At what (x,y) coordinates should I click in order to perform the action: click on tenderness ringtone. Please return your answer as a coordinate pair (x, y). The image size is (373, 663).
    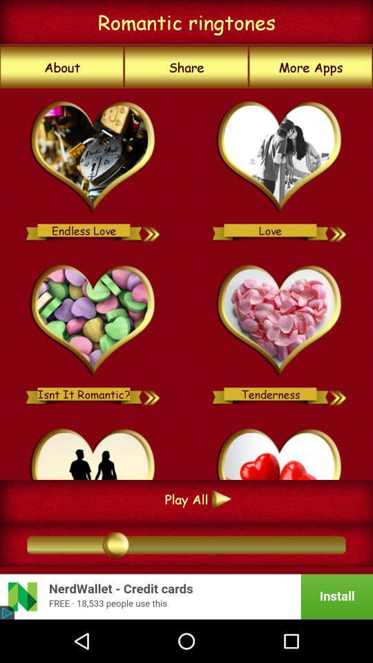
    Looking at the image, I should click on (280, 321).